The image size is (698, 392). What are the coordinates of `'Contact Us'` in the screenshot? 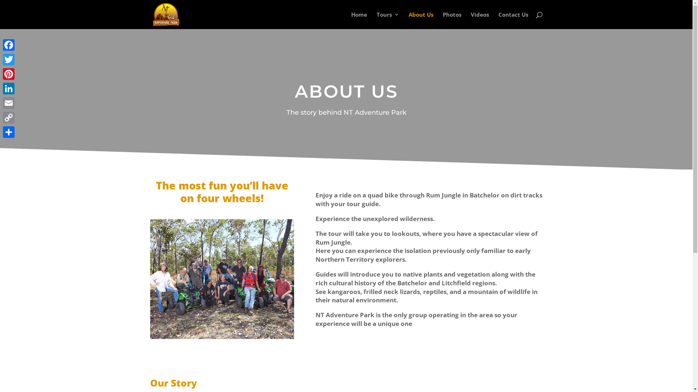 It's located at (513, 20).